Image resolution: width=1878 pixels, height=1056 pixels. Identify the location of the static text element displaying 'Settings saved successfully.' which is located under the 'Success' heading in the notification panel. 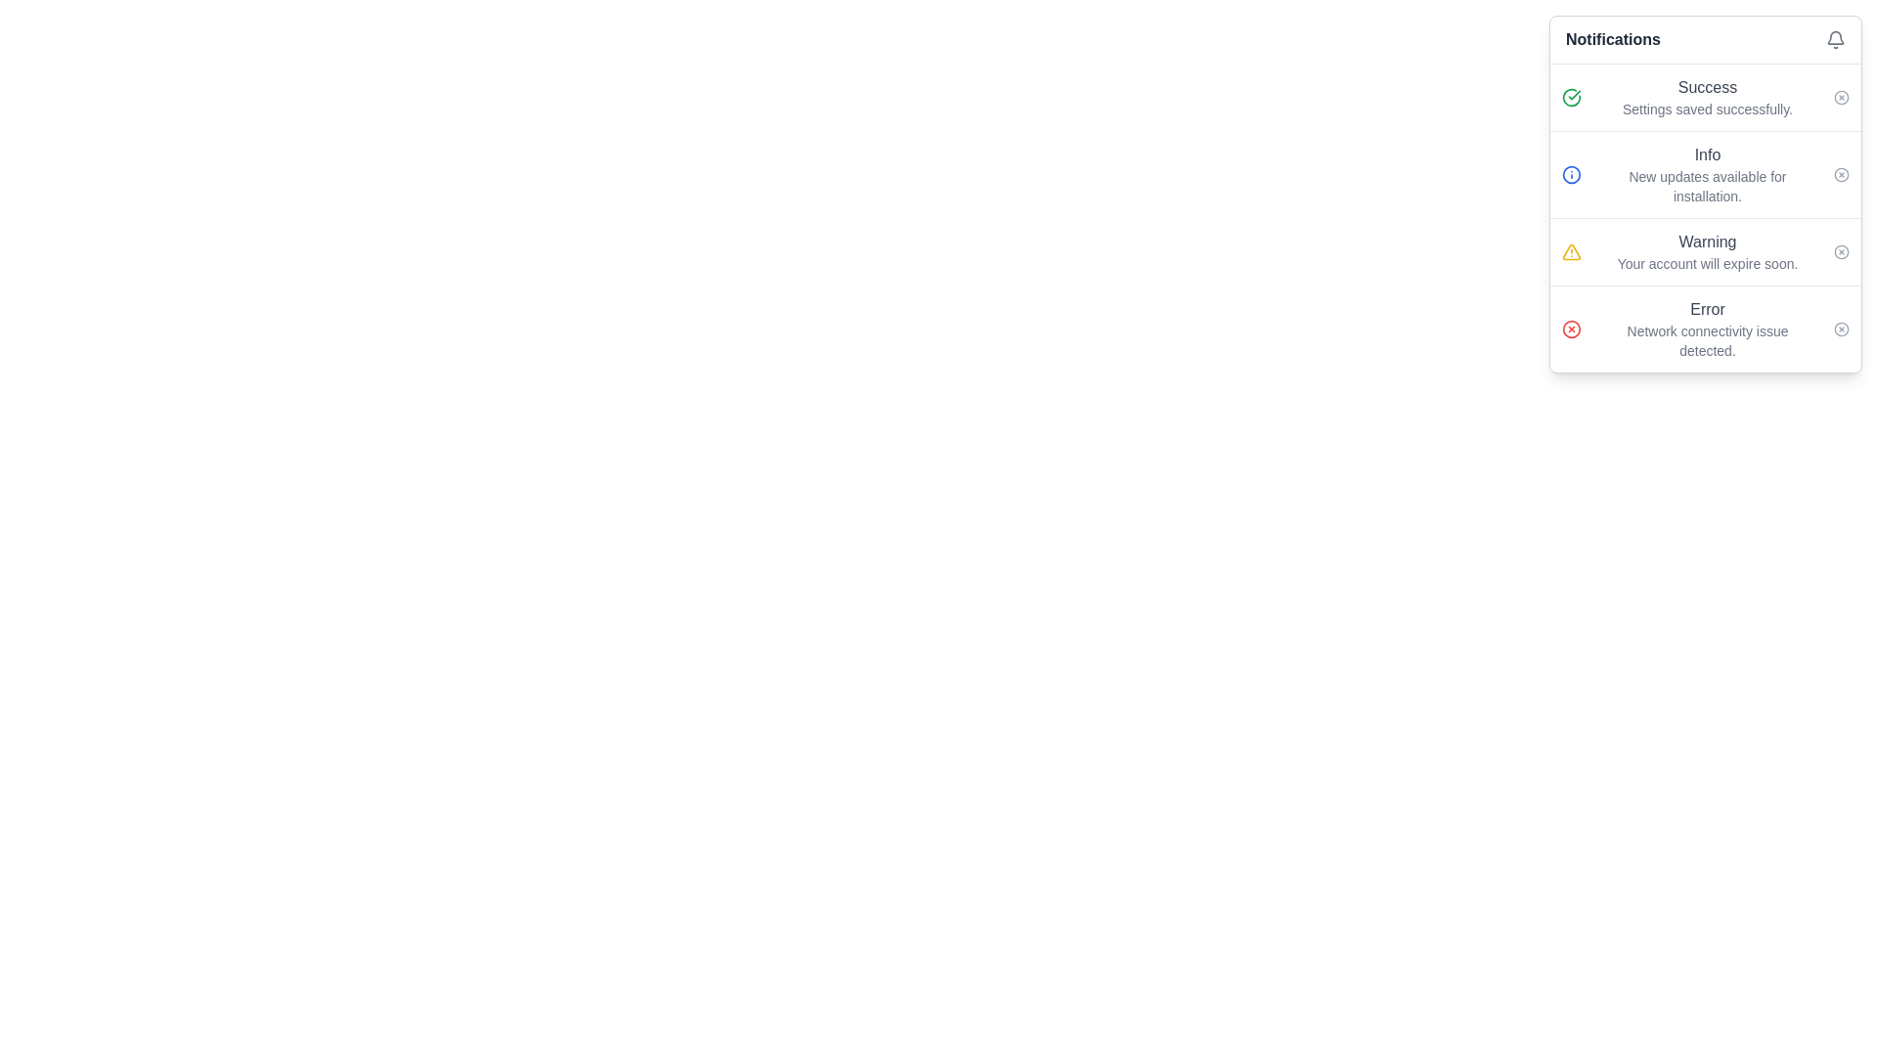
(1707, 109).